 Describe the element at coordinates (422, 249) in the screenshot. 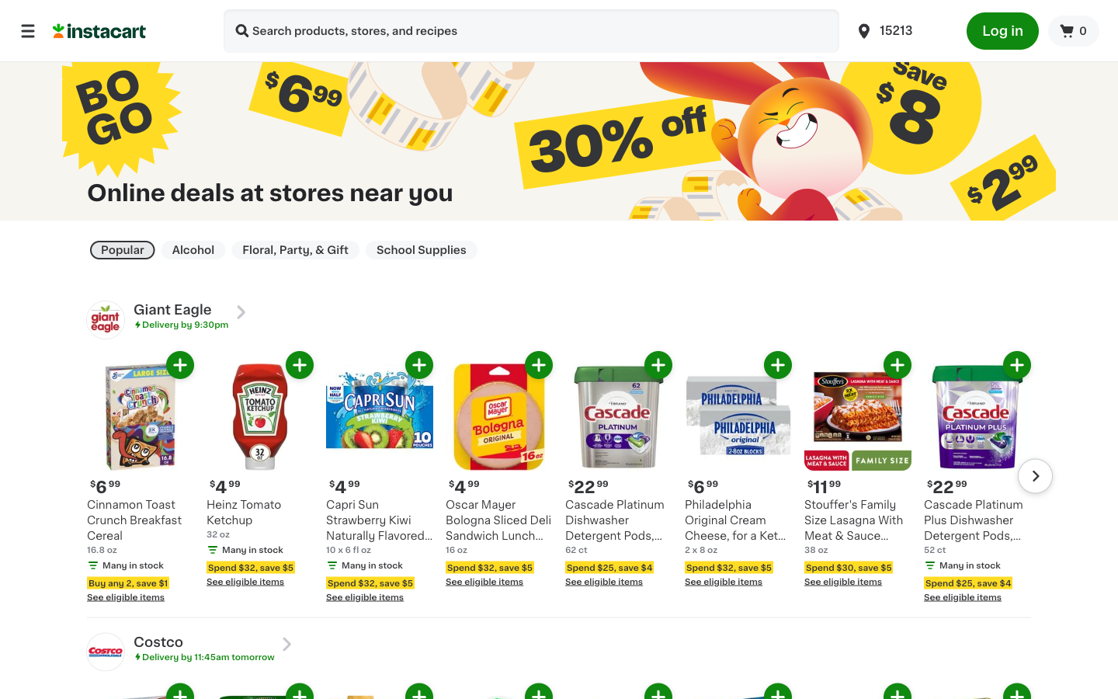

I see `Show me all product coming in School Supplies` at that location.